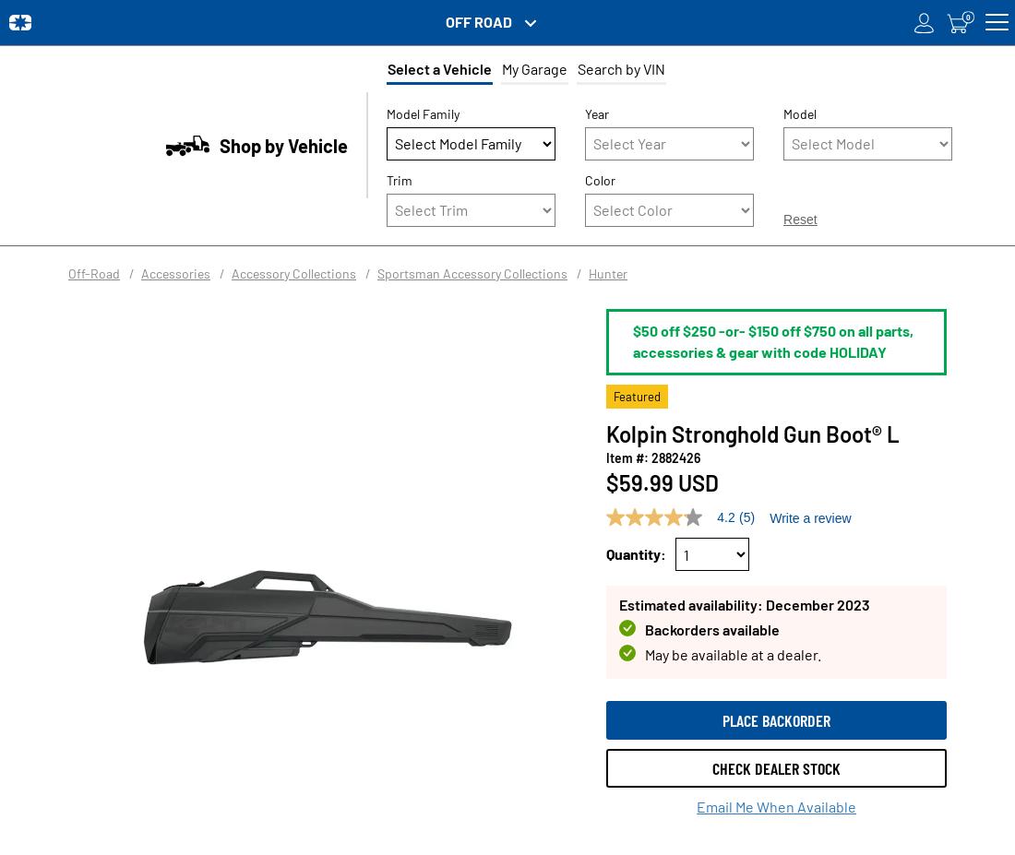 This screenshot has width=1015, height=855. I want to click on '0', so click(967, 15).